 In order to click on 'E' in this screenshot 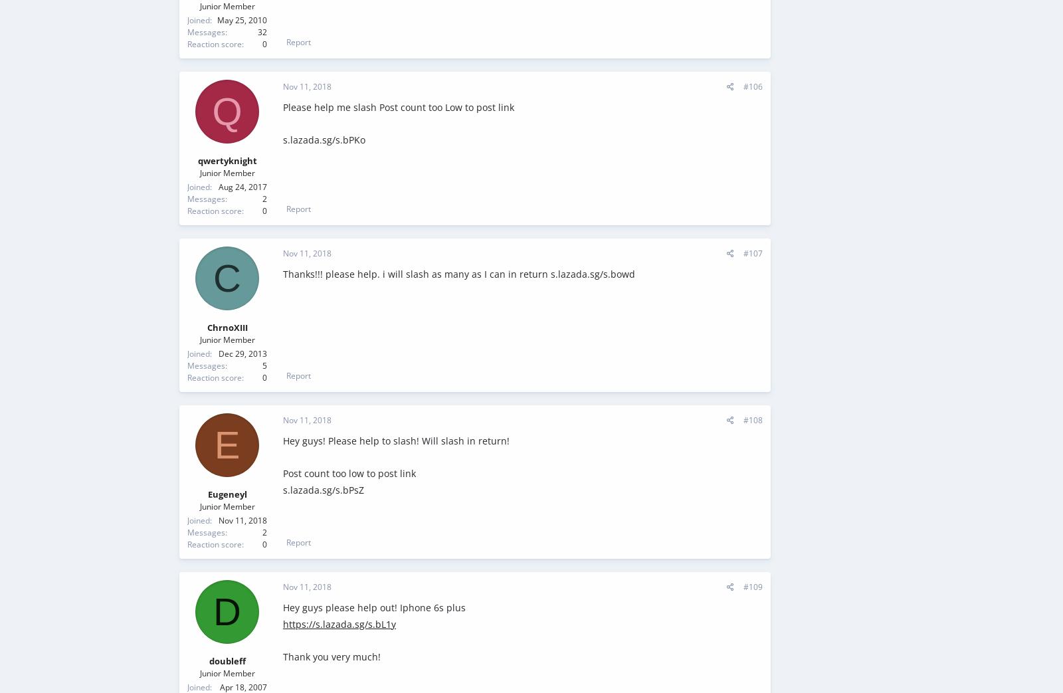, I will do `click(214, 444)`.